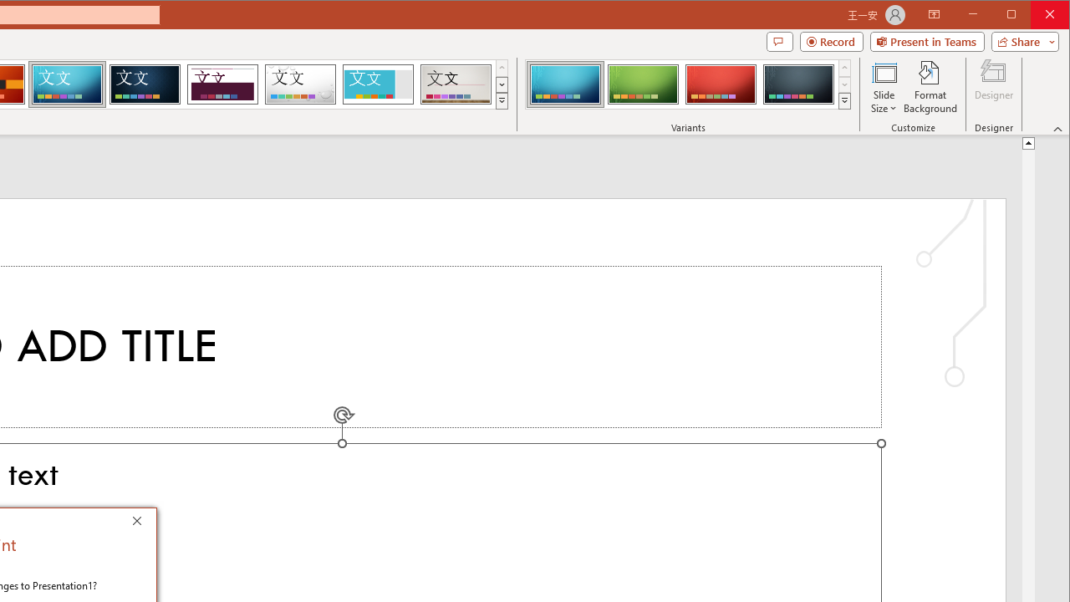 This screenshot has height=602, width=1070. What do you see at coordinates (222, 84) in the screenshot?
I see `'Dividend'` at bounding box center [222, 84].